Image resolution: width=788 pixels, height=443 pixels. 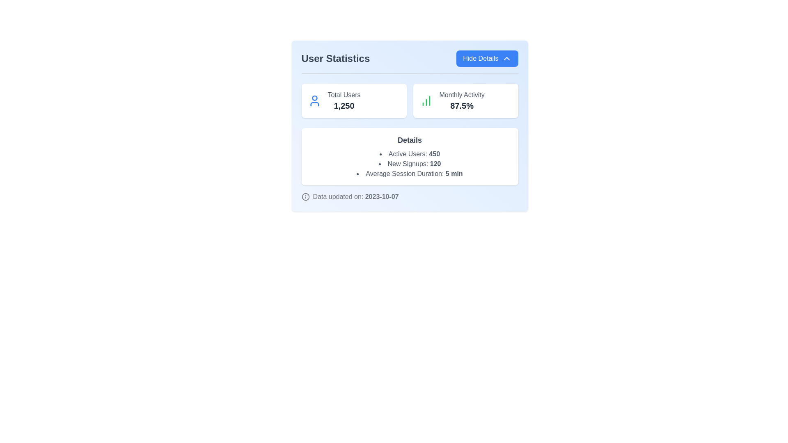 What do you see at coordinates (462, 105) in the screenshot?
I see `the Text Label displaying the monthly activity percentage value located within the 'User Statistics' card, beneath the 'Monthly Activity' title` at bounding box center [462, 105].